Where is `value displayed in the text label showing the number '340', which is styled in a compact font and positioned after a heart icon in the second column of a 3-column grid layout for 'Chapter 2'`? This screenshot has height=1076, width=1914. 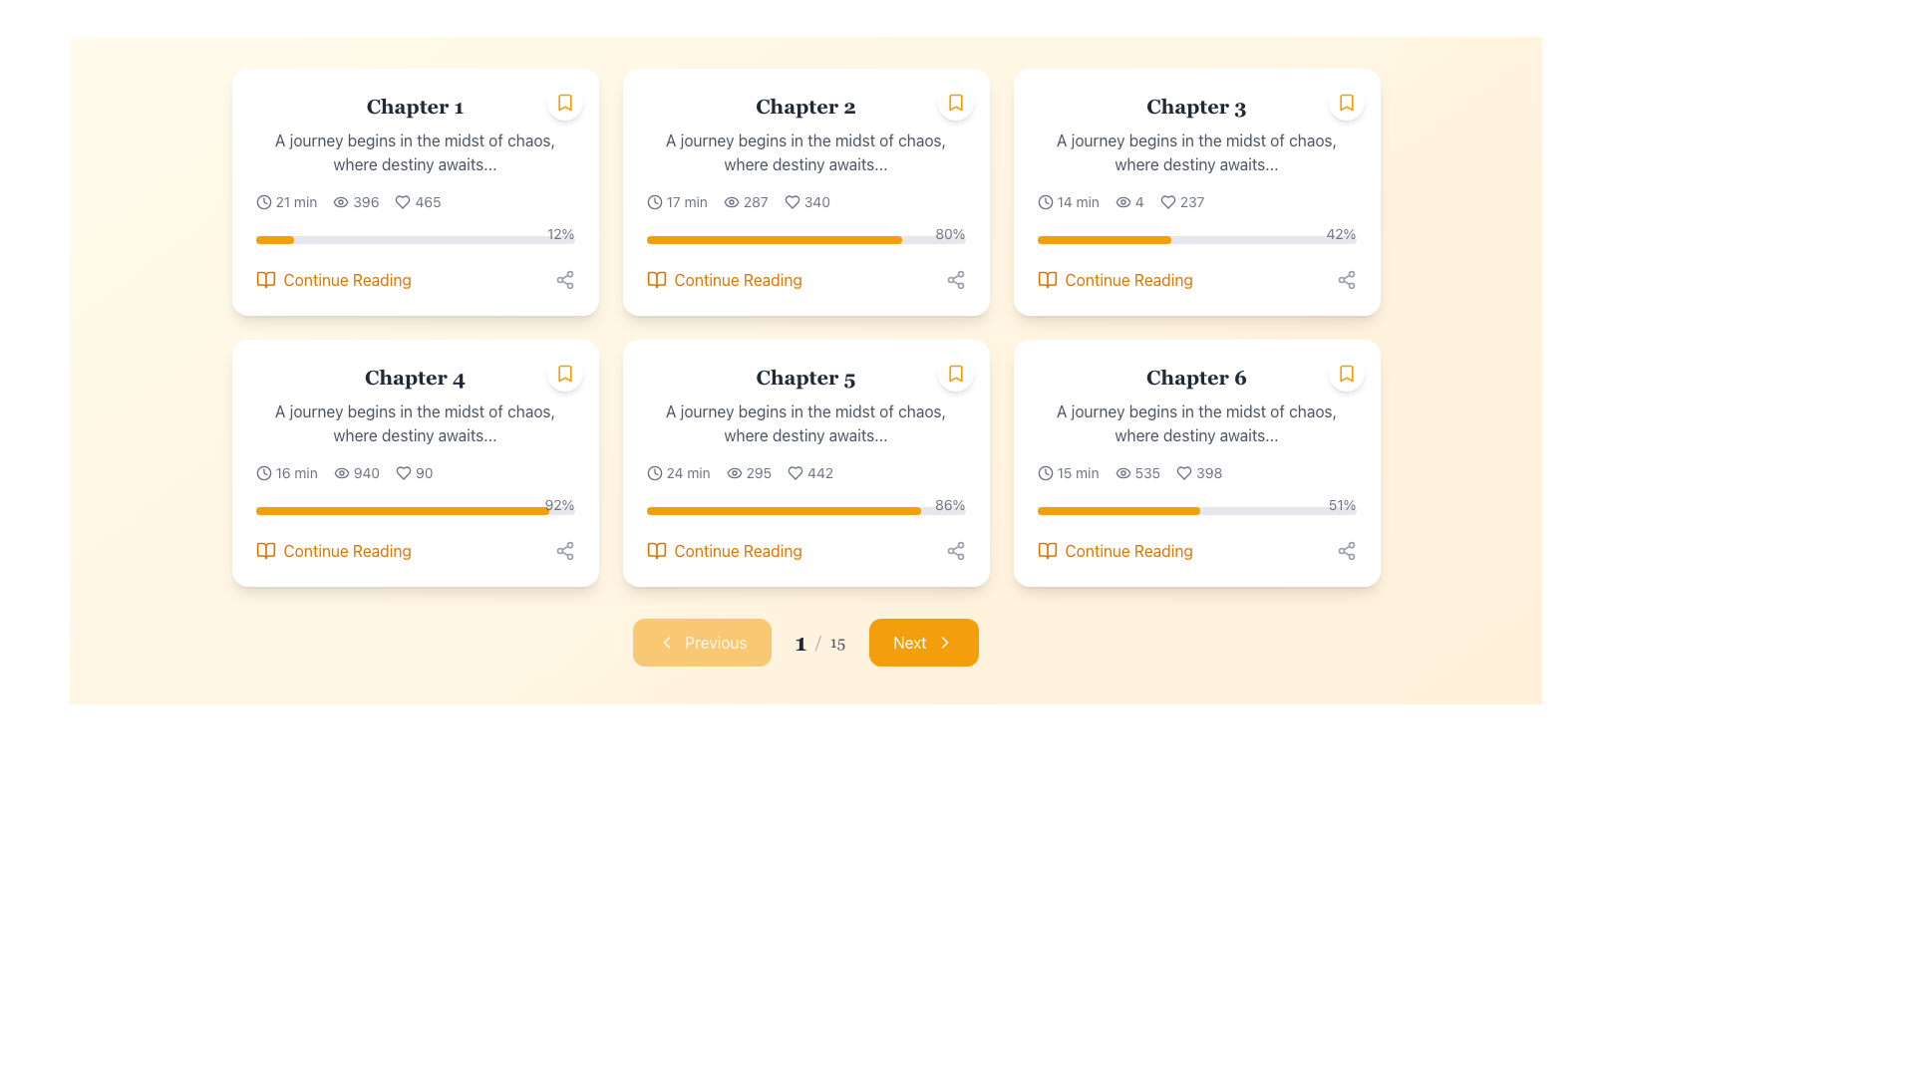 value displayed in the text label showing the number '340', which is styled in a compact font and positioned after a heart icon in the second column of a 3-column grid layout for 'Chapter 2' is located at coordinates (816, 202).